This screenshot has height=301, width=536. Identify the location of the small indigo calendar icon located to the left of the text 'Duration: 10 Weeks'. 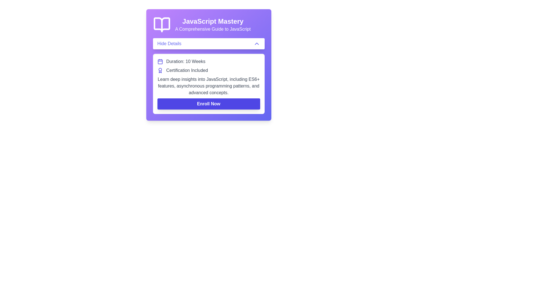
(160, 61).